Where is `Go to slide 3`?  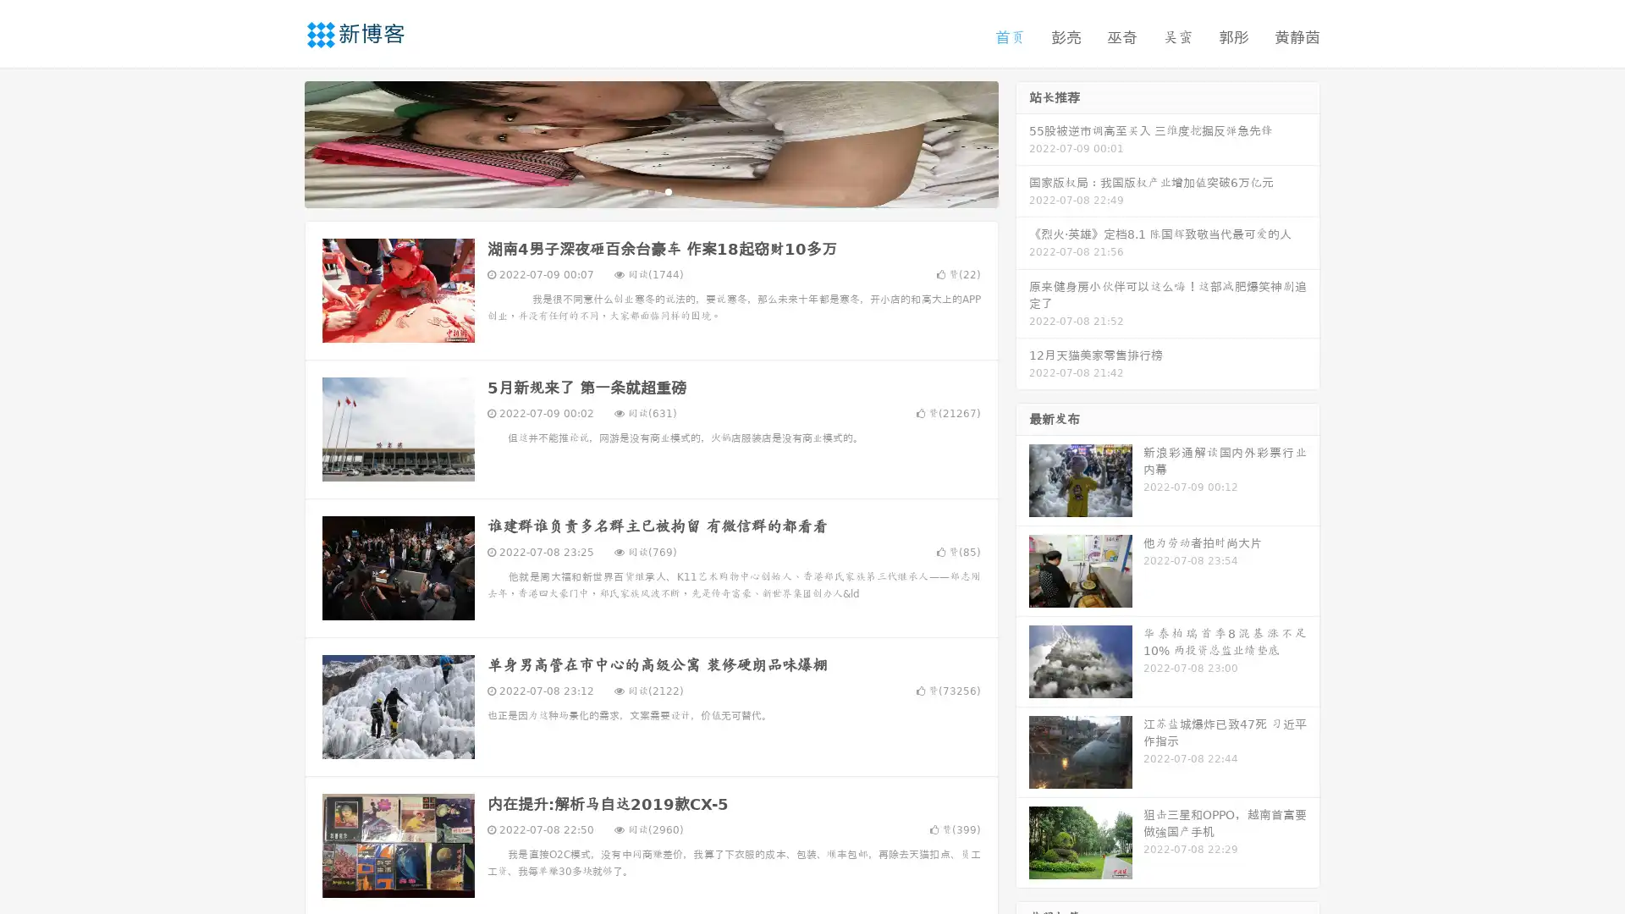 Go to slide 3 is located at coordinates (668, 190).